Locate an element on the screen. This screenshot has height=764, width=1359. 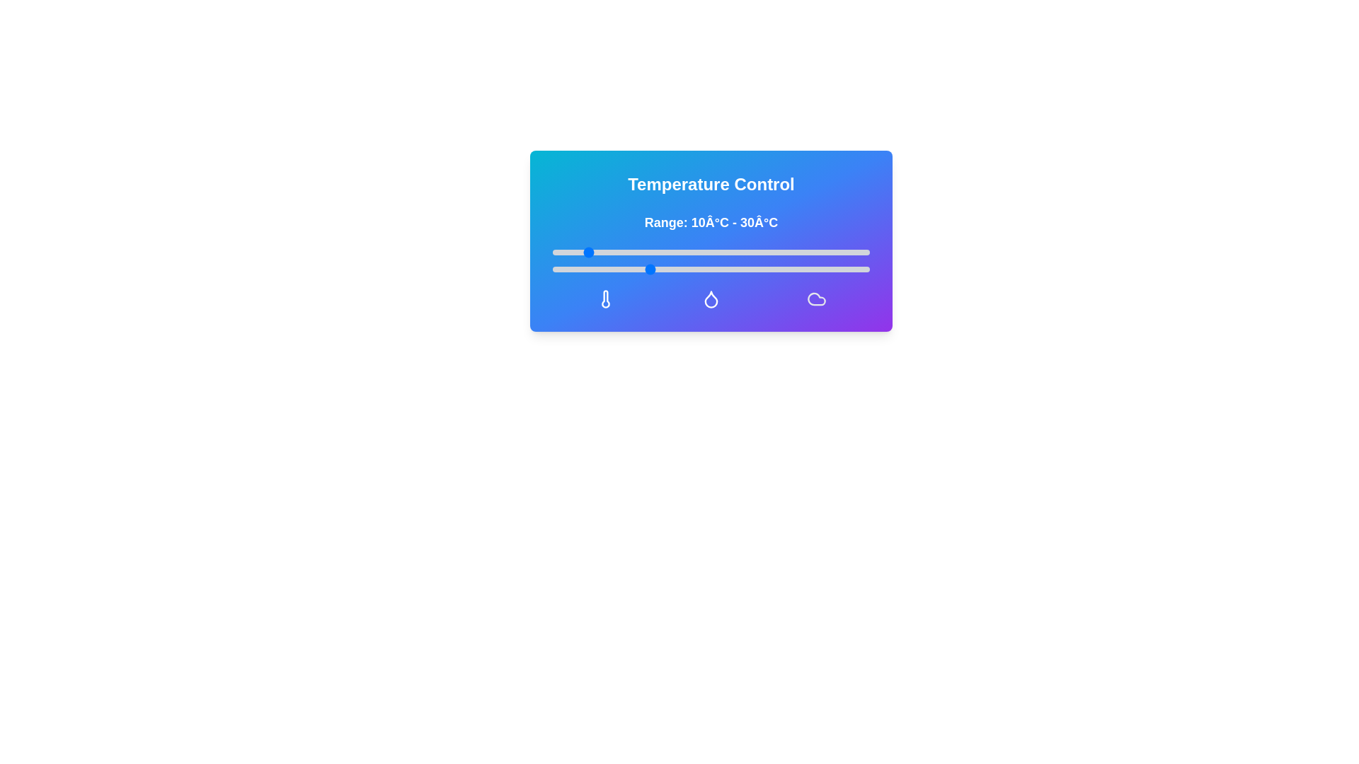
the stylized droplet-shaped icon, which is filled with a gradient blue shade is located at coordinates (711, 299).